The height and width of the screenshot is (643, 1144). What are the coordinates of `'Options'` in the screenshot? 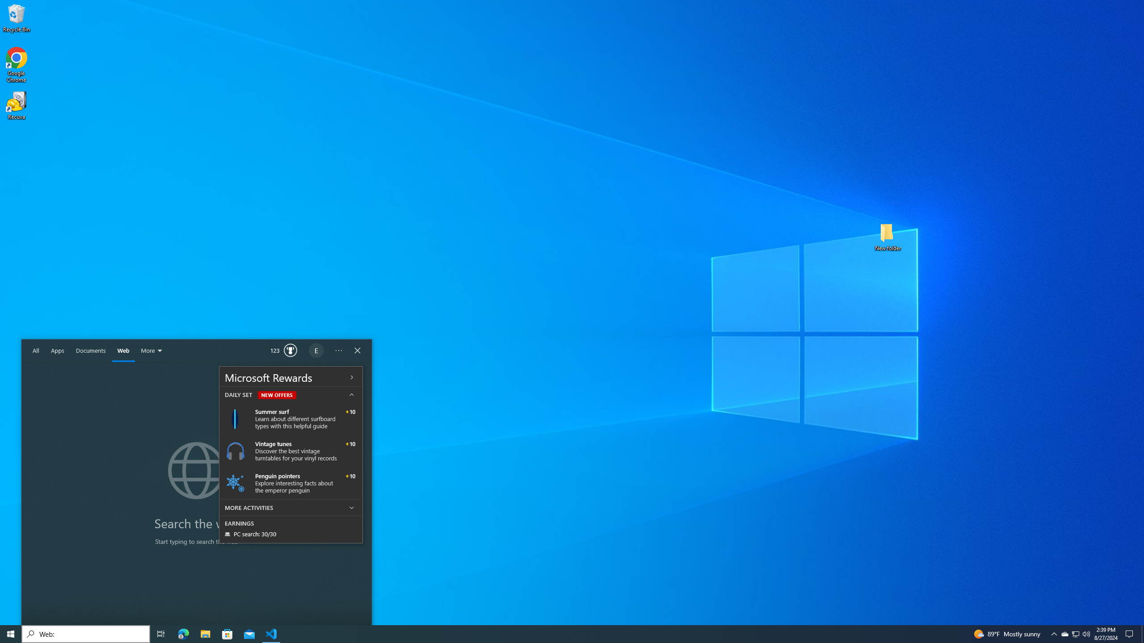 It's located at (338, 351).